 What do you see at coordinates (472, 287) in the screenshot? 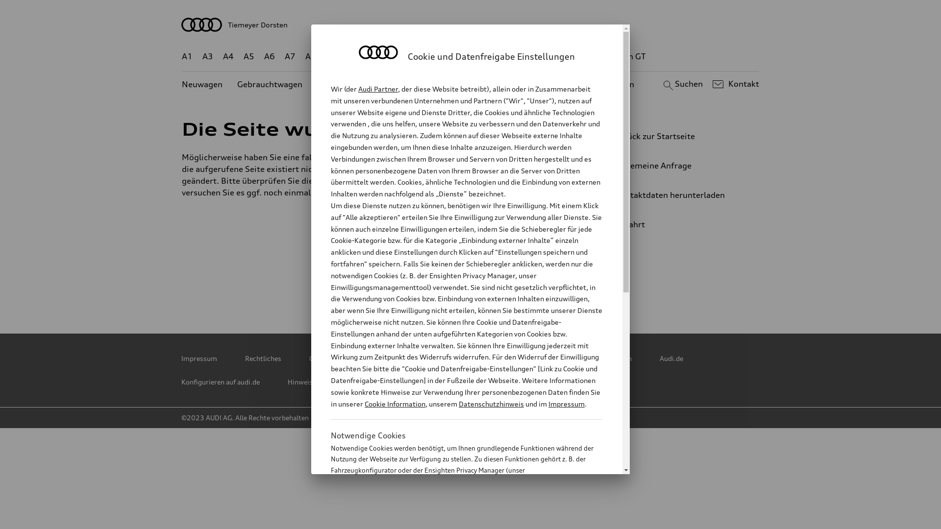
I see `'Facebook'` at bounding box center [472, 287].